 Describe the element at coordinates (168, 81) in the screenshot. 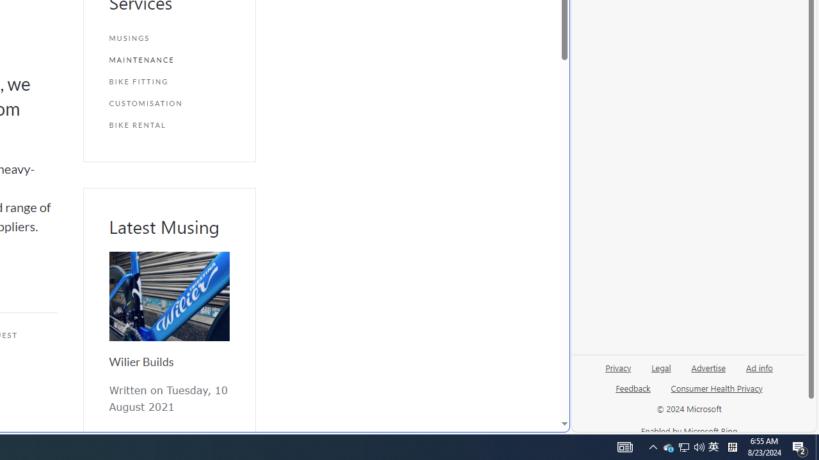

I see `'BIKE FITTING'` at that location.